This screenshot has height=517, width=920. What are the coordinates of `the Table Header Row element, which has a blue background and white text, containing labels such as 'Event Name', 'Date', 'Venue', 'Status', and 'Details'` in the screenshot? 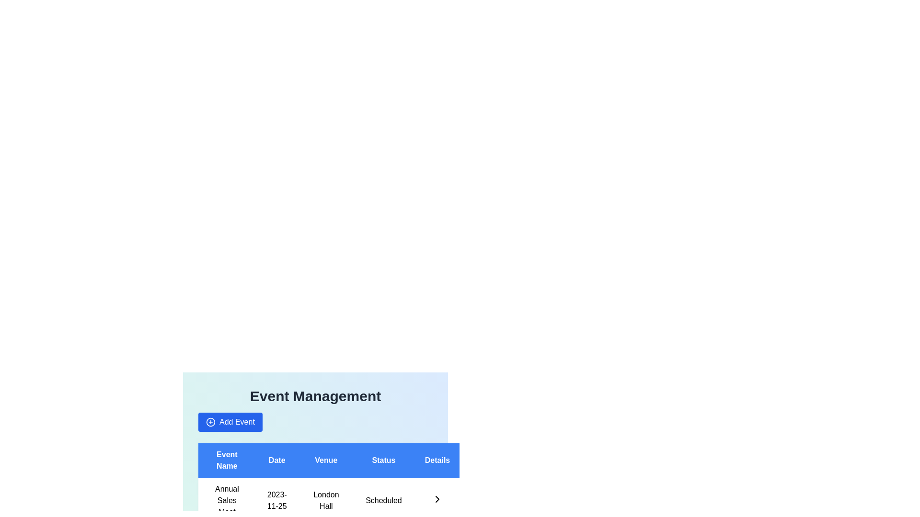 It's located at (330, 460).